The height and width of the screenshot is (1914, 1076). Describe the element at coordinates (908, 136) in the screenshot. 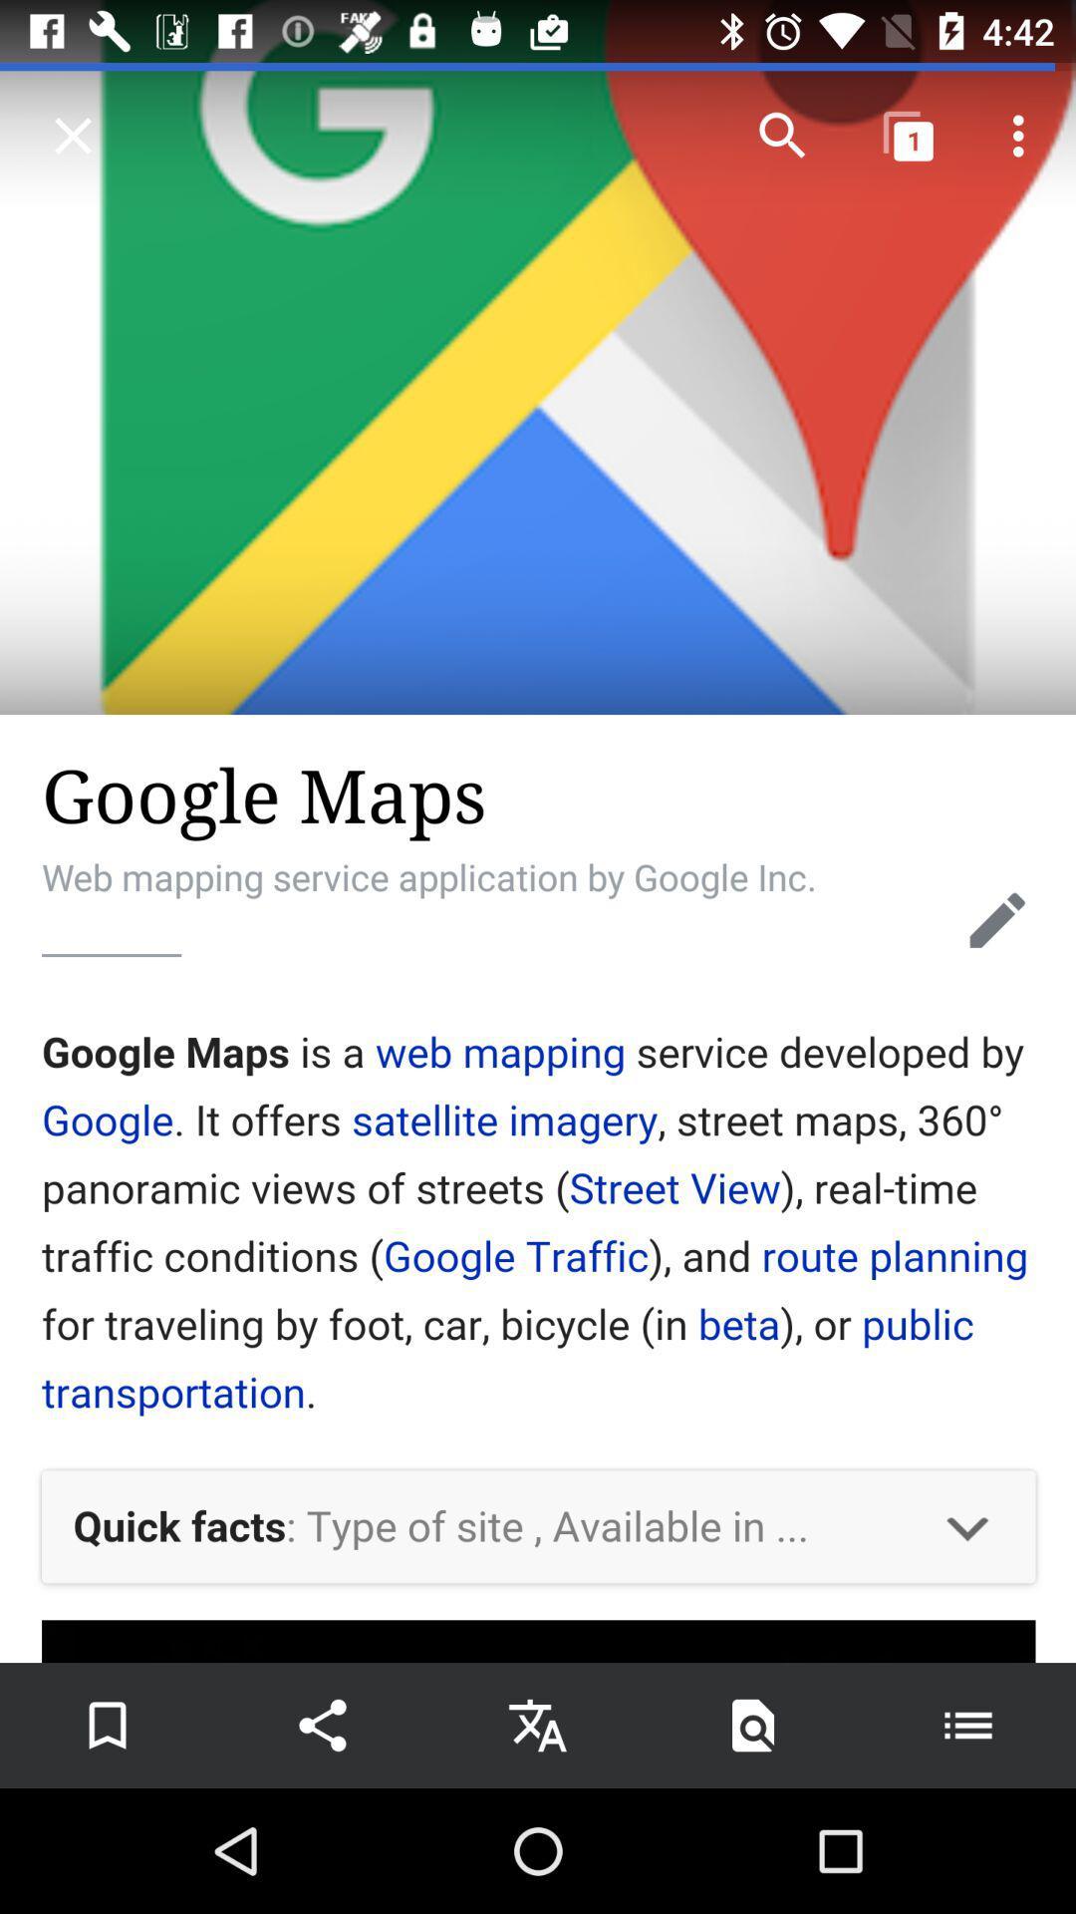

I see `the icon right to the search icon` at that location.